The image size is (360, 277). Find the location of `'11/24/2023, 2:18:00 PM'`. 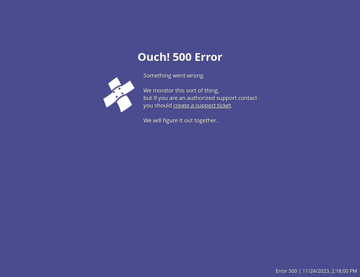

'11/24/2023, 2:18:00 PM' is located at coordinates (330, 271).